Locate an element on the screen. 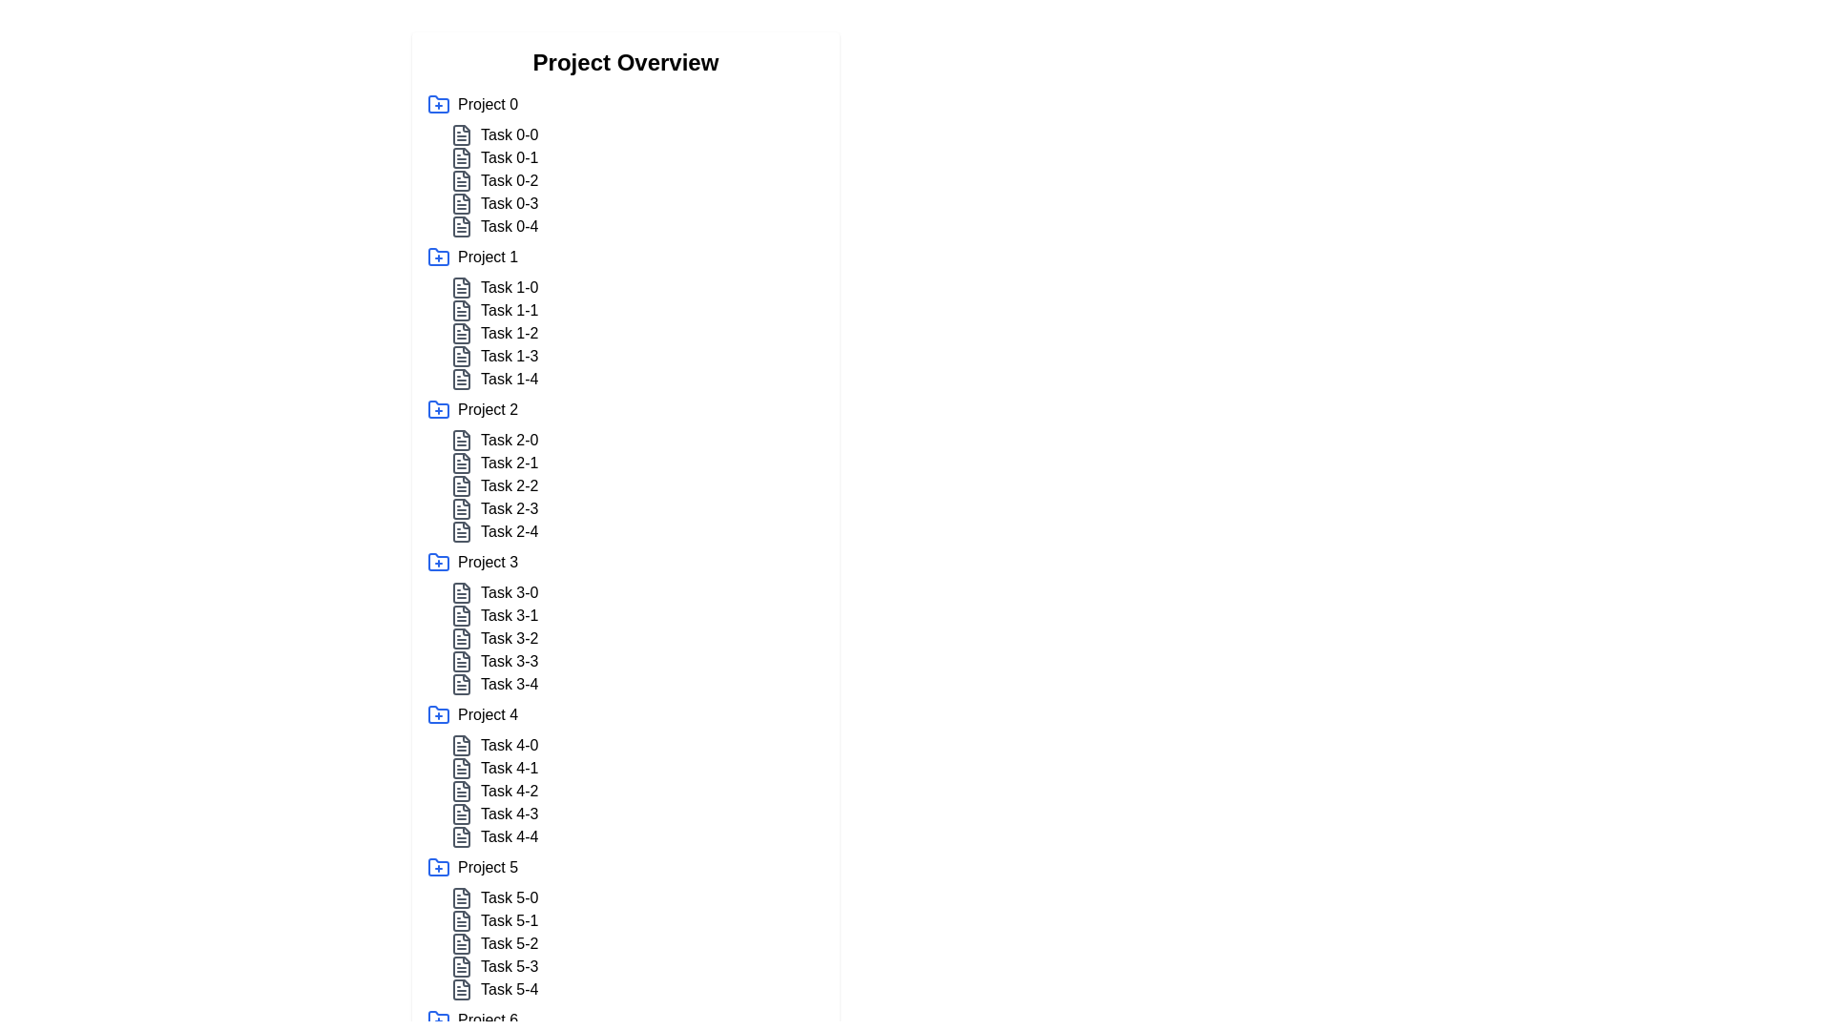 This screenshot has width=1832, height=1030. the text label displaying 'Task 3-3', which is the fourth item in the list under the 'Project 3' section, positioned horizontally next to a file icon is located at coordinates (510, 661).